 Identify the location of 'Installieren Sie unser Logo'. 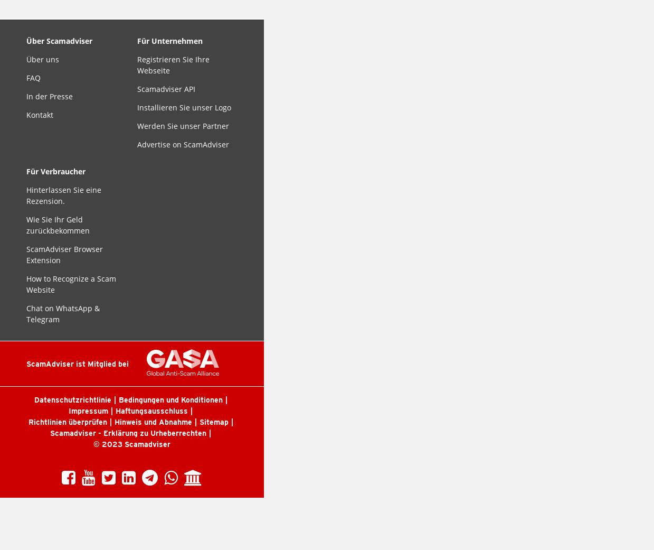
(184, 107).